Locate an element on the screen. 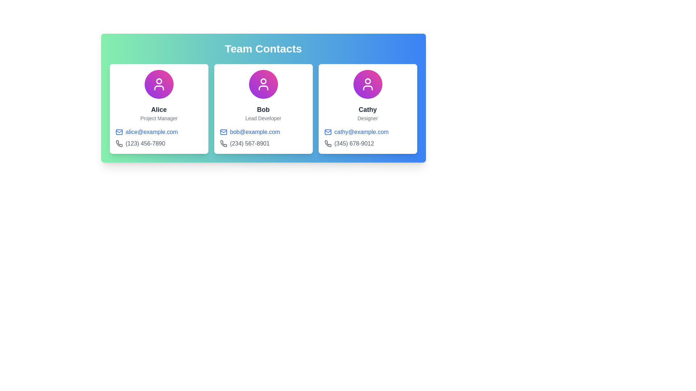  text content from the text label displaying 'Cathy', which is prominently styled in bold dark gray font, located within the card layout under the circular avatar image and above the descriptor text labeled 'Designer' is located at coordinates (368, 110).